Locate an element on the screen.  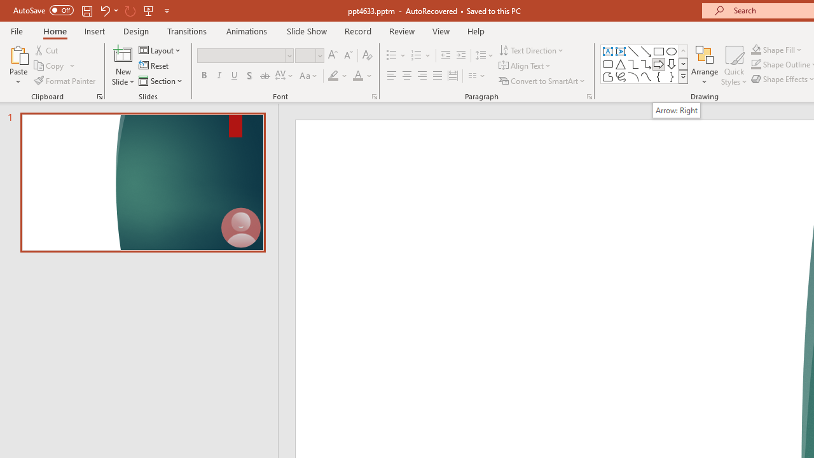
'Vertical Text Box' is located at coordinates (621, 51).